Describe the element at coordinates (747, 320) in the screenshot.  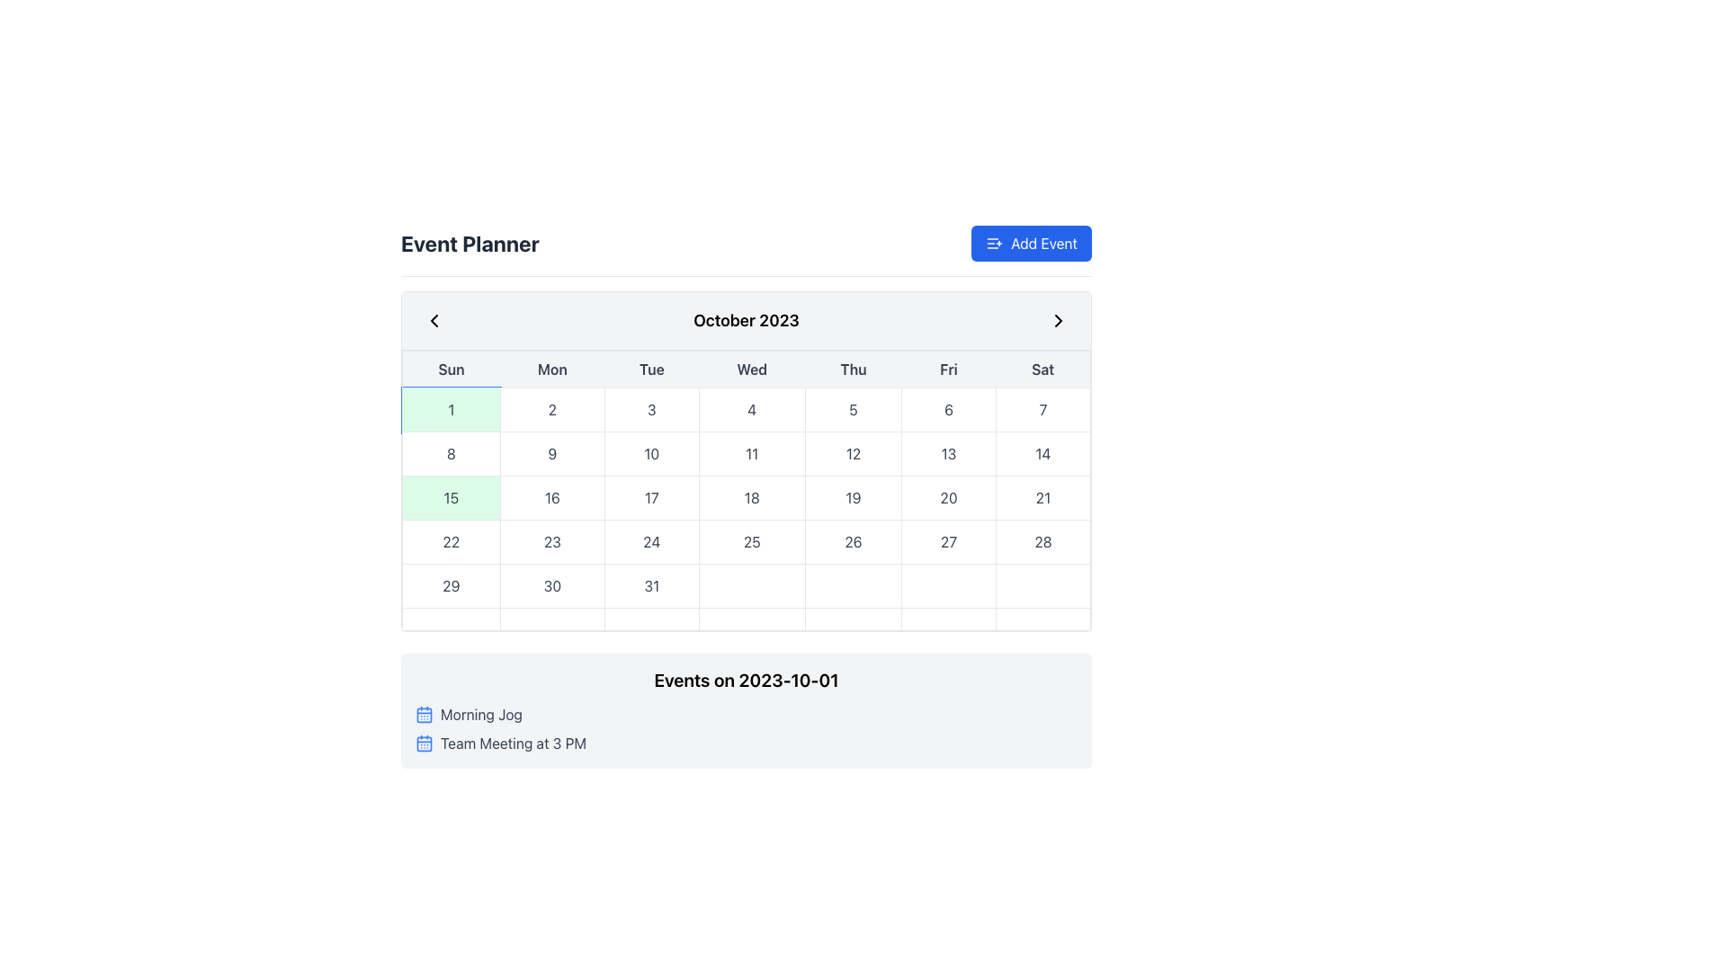
I see `the bold text 'October 2023' in the Calendar header` at that location.